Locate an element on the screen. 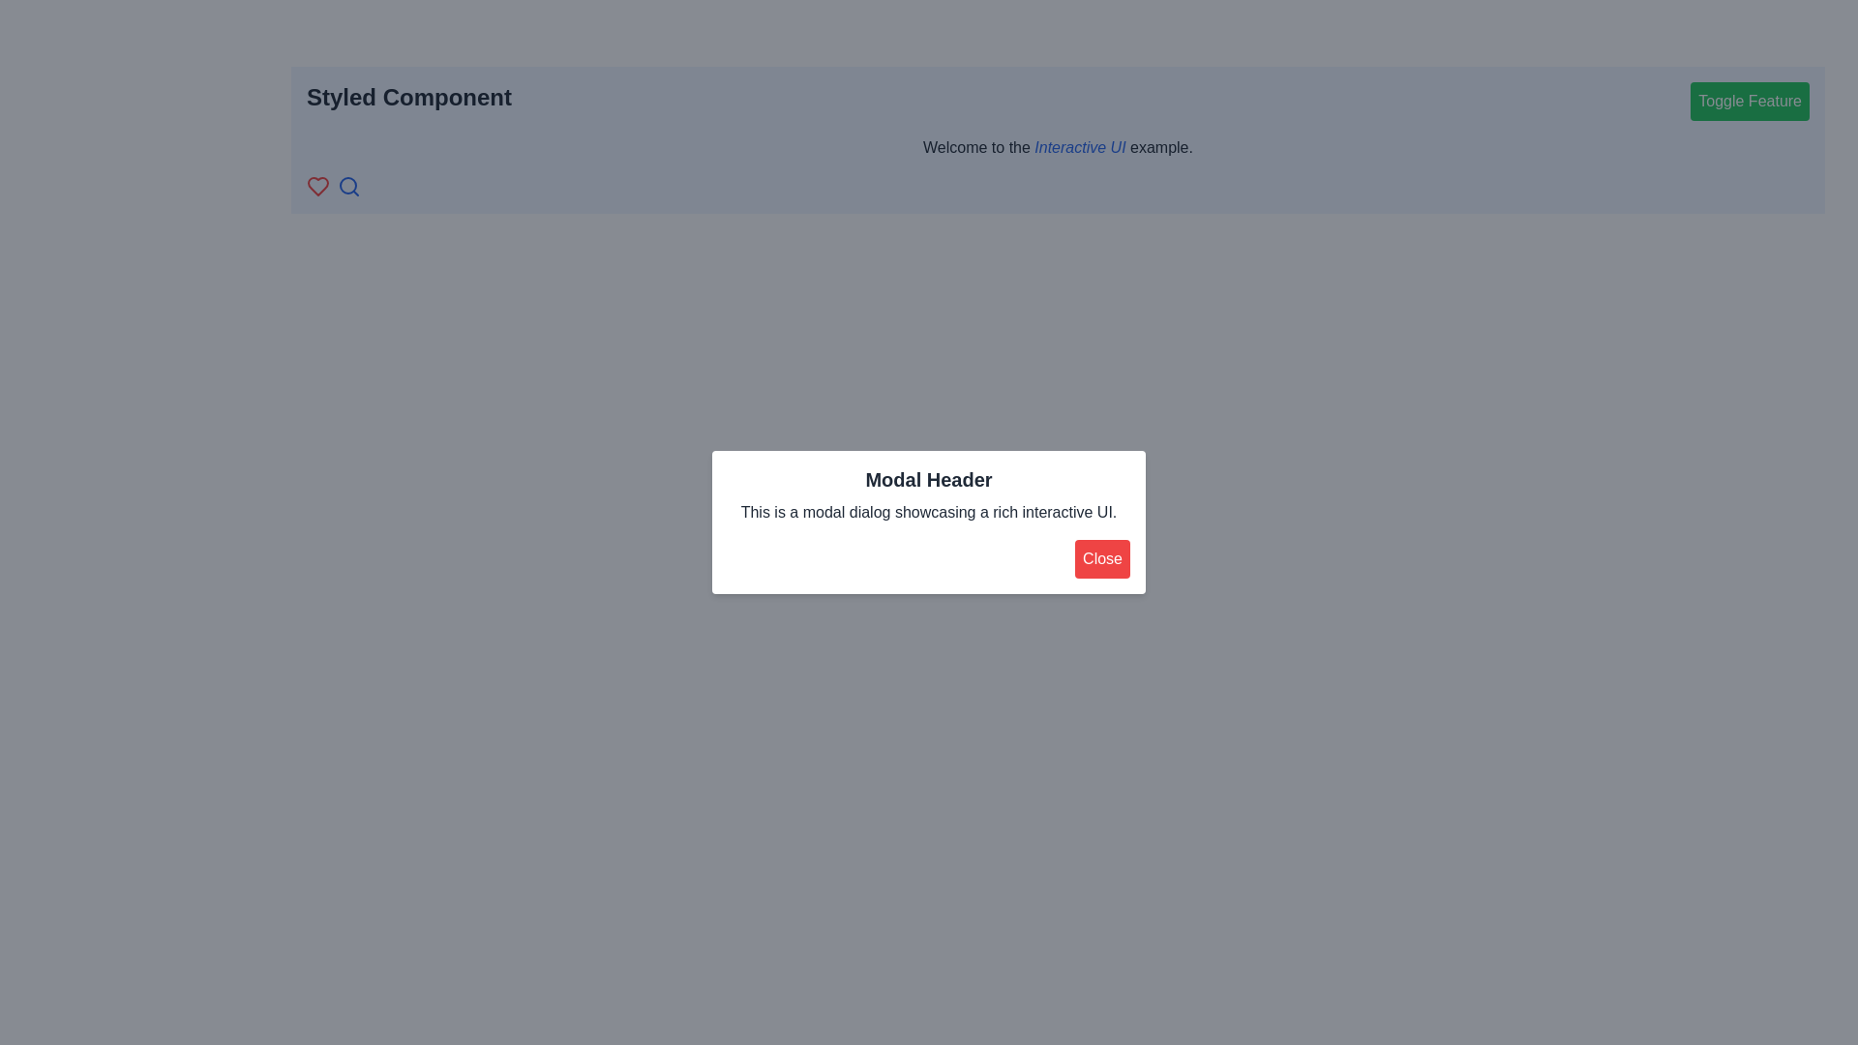 The width and height of the screenshot is (1858, 1045). text string displayed in the modal dialog that says 'This is a modal dialog showcasing a rich interactive UI.' which is located below the 'Modal Header' and above the 'Close' button is located at coordinates (929, 511).